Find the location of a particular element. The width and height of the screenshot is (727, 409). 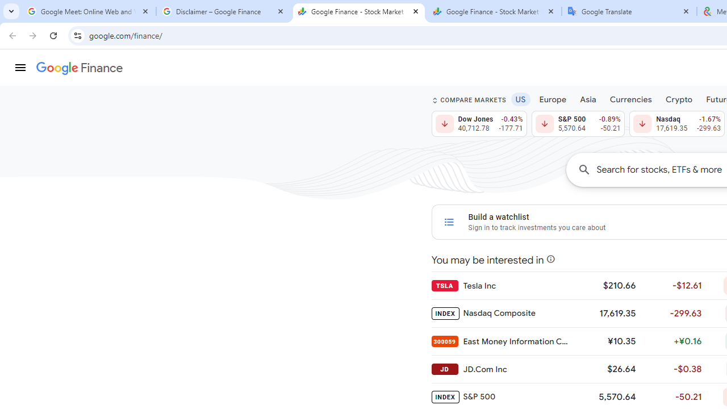

'Crypto' is located at coordinates (679, 98).